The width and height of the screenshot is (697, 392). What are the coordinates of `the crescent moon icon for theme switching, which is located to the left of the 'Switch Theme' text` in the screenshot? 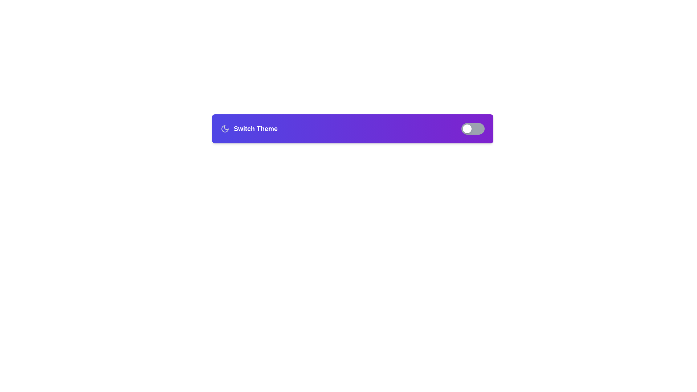 It's located at (224, 128).